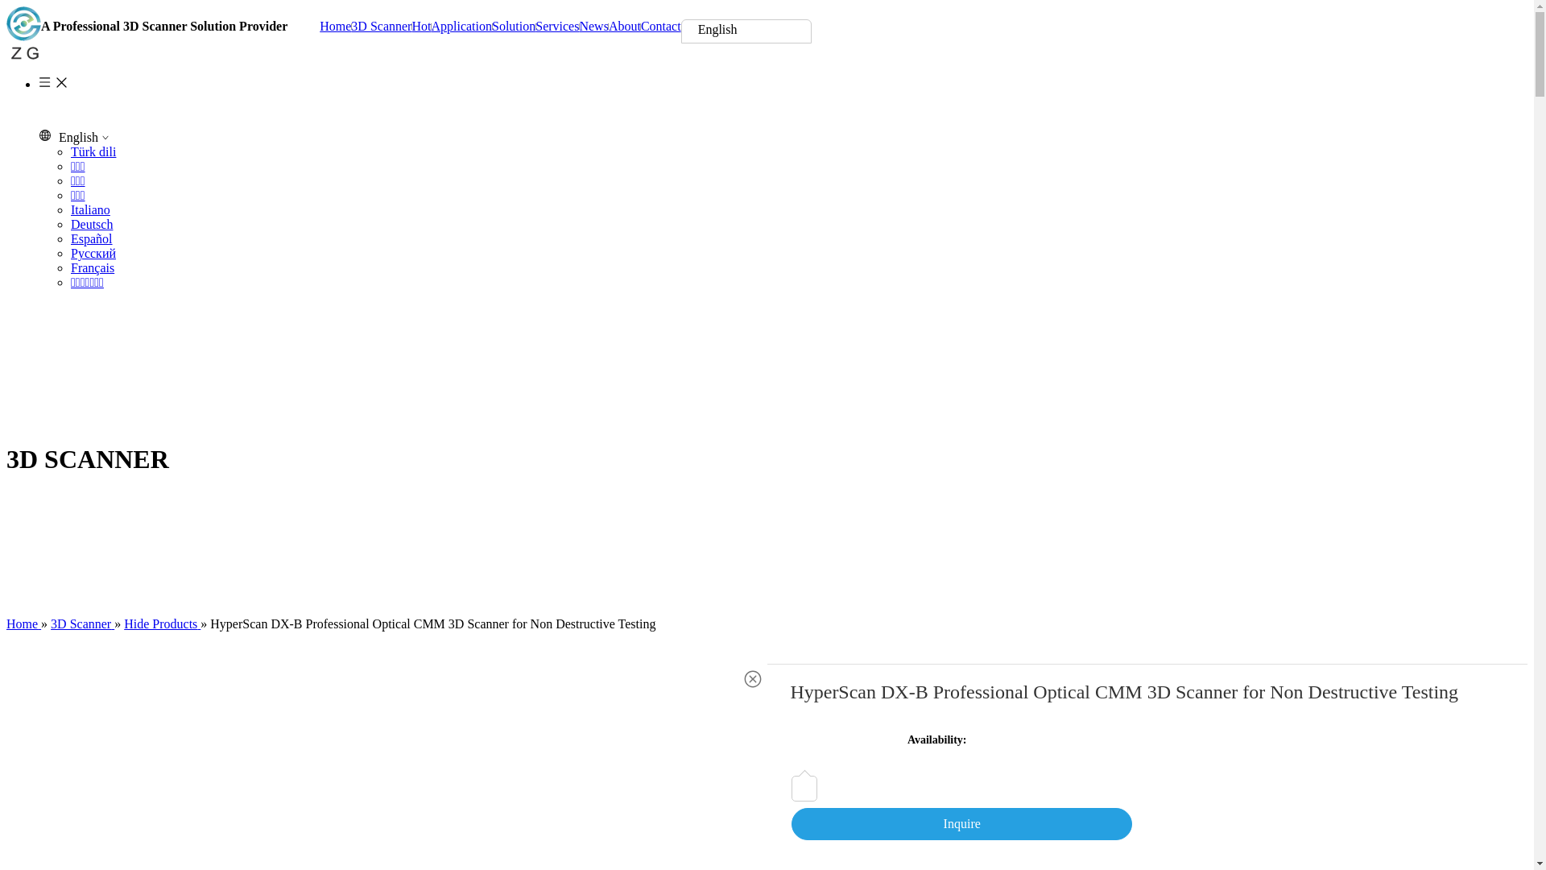 This screenshot has width=1546, height=870. Describe the element at coordinates (69, 224) in the screenshot. I see `'Deutsch'` at that location.